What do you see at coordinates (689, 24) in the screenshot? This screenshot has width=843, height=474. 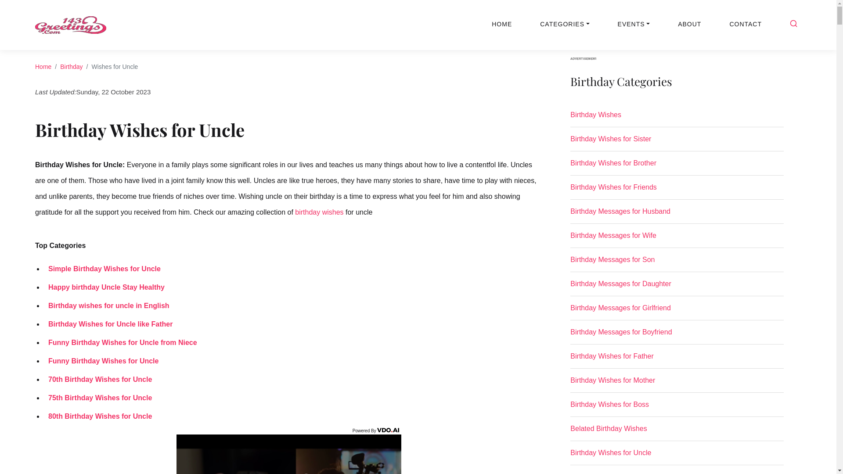 I see `'ABOUT'` at bounding box center [689, 24].